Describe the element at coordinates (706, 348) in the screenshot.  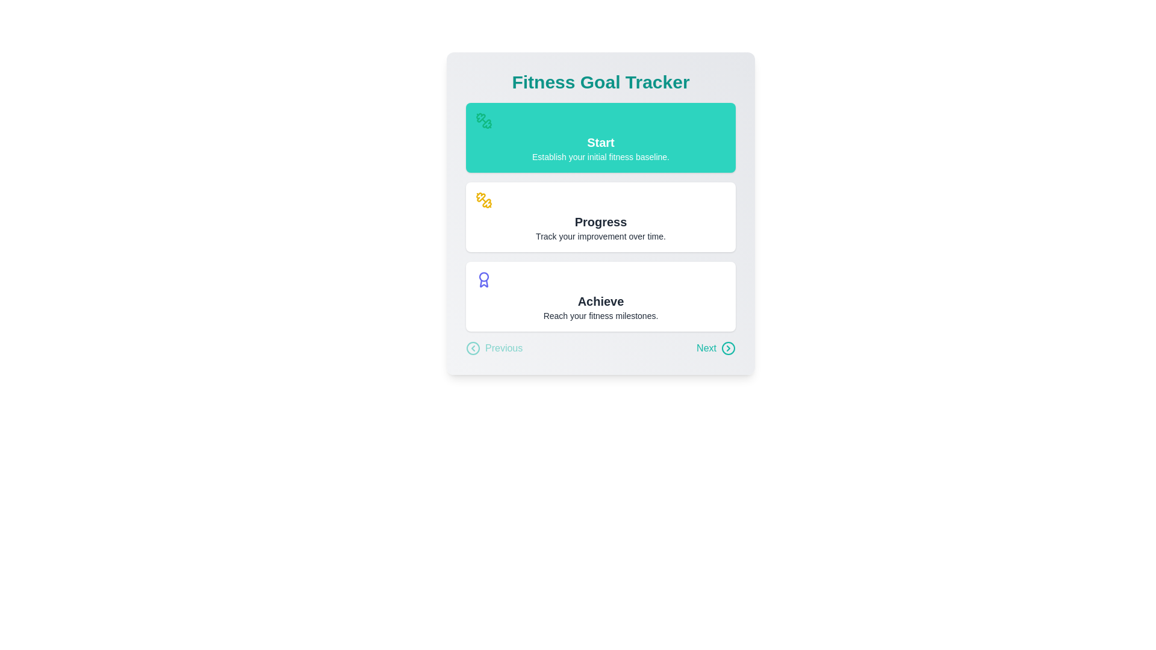
I see `the 'Next' navigation button, which is styled in teal color and positioned in the lower-right corner of the 'Fitness Goal Tracker' dialog box` at that location.